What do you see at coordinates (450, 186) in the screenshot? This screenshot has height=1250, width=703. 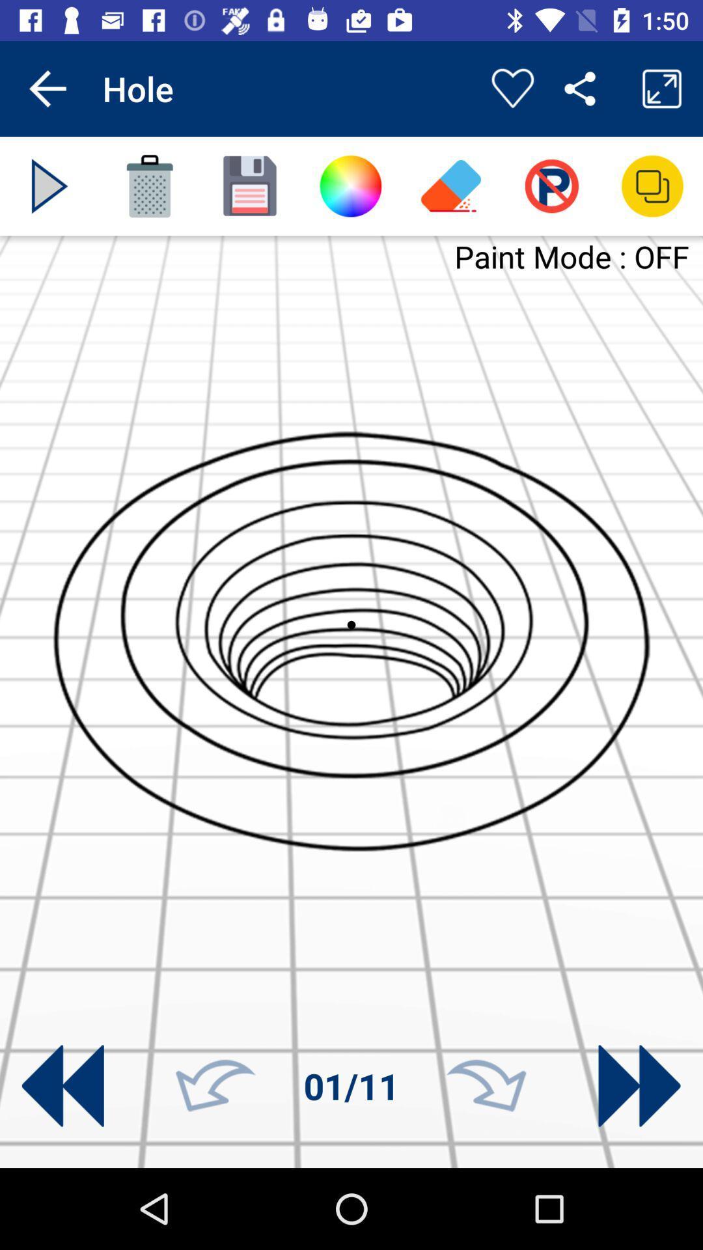 I see `eraser` at bounding box center [450, 186].